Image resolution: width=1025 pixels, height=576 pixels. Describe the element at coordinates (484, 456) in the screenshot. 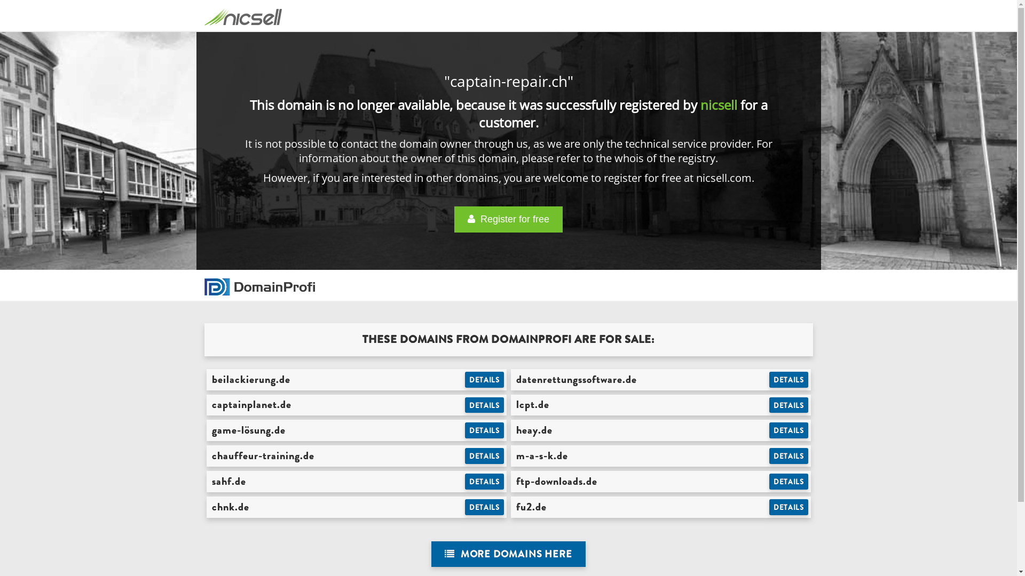

I see `'DETAILS'` at that location.